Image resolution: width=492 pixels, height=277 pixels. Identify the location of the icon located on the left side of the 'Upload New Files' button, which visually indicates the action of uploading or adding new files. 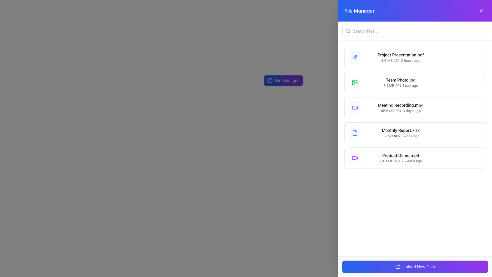
(398, 266).